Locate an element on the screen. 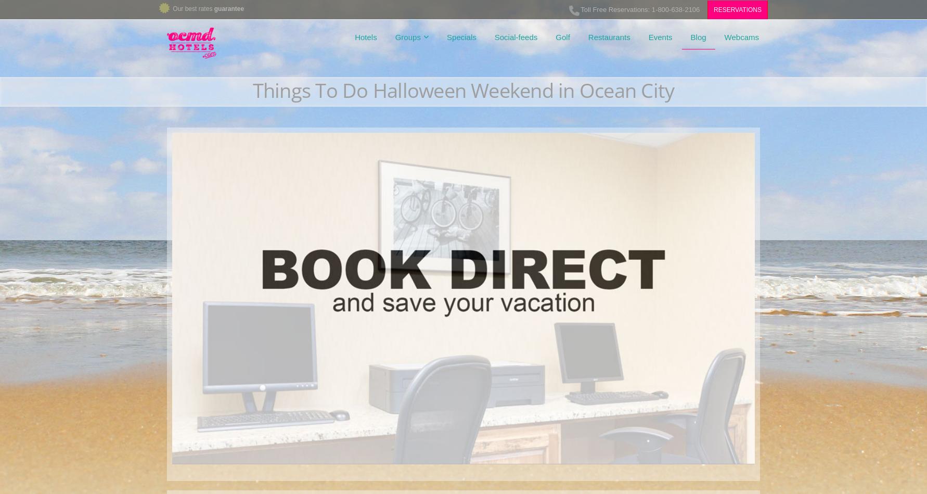 The height and width of the screenshot is (494, 927). 'Blog' is located at coordinates (698, 37).